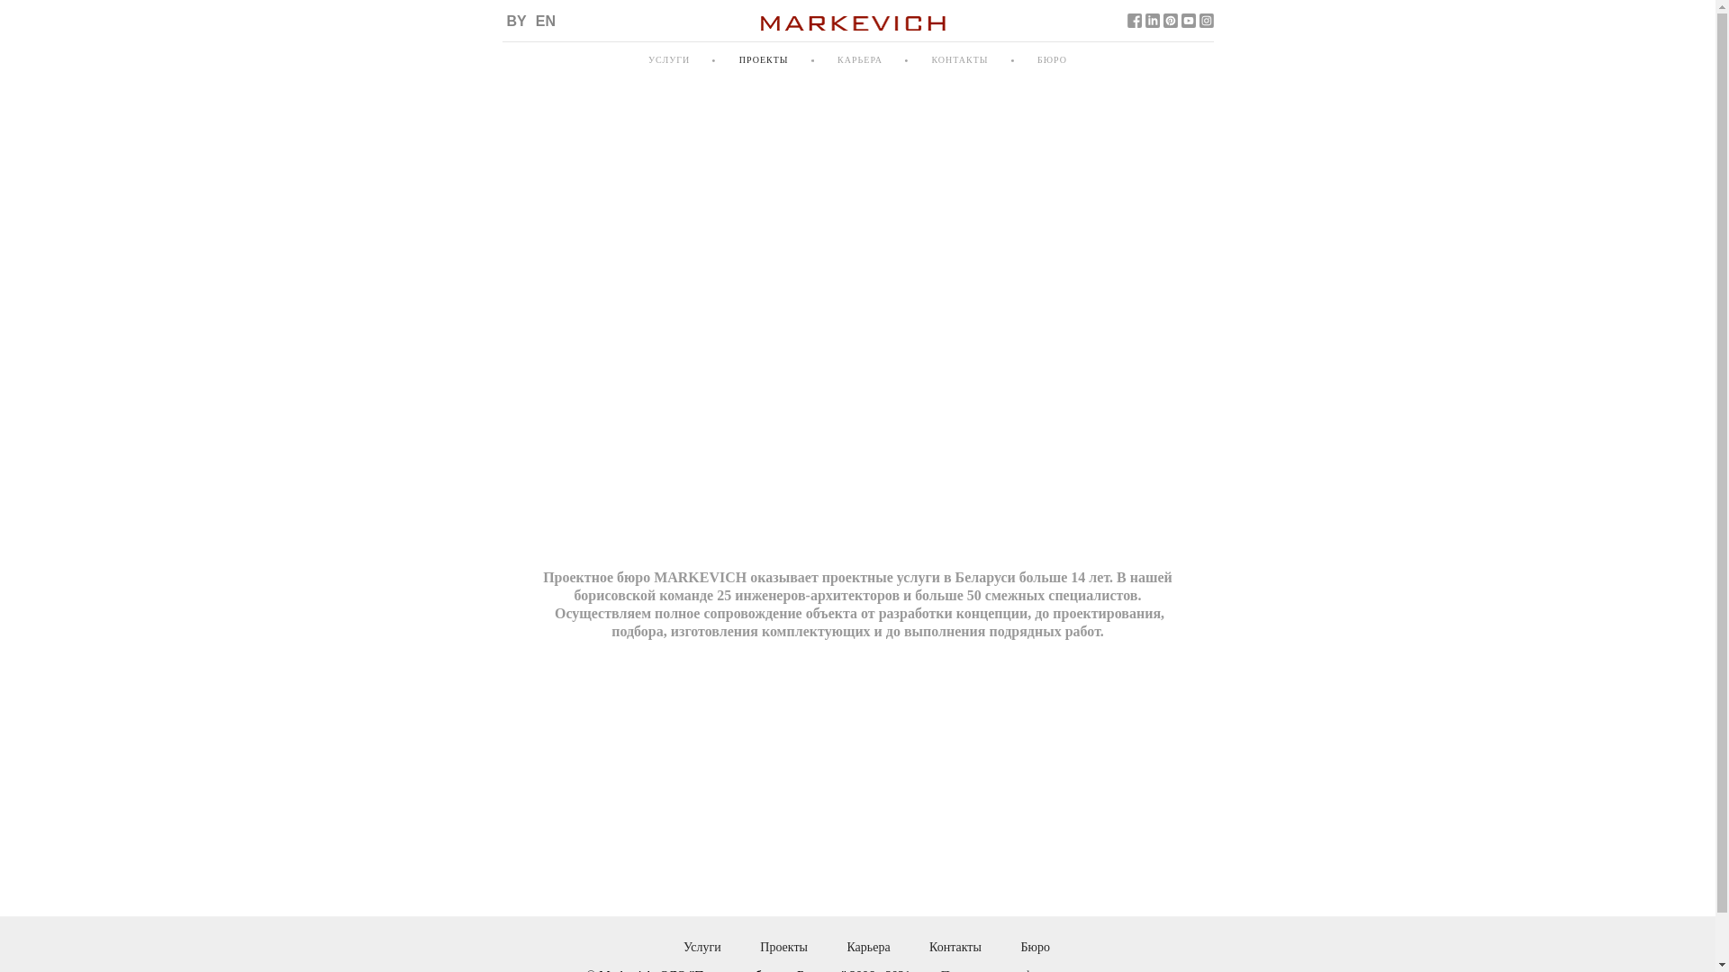 This screenshot has height=972, width=1729. What do you see at coordinates (544, 21) in the screenshot?
I see `'EN'` at bounding box center [544, 21].